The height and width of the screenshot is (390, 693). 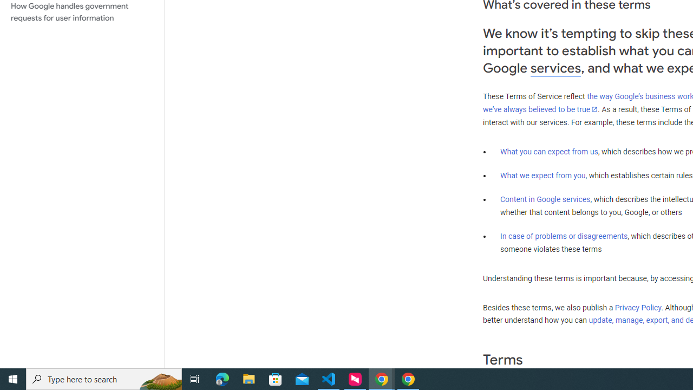 I want to click on 'services', so click(x=555, y=68).